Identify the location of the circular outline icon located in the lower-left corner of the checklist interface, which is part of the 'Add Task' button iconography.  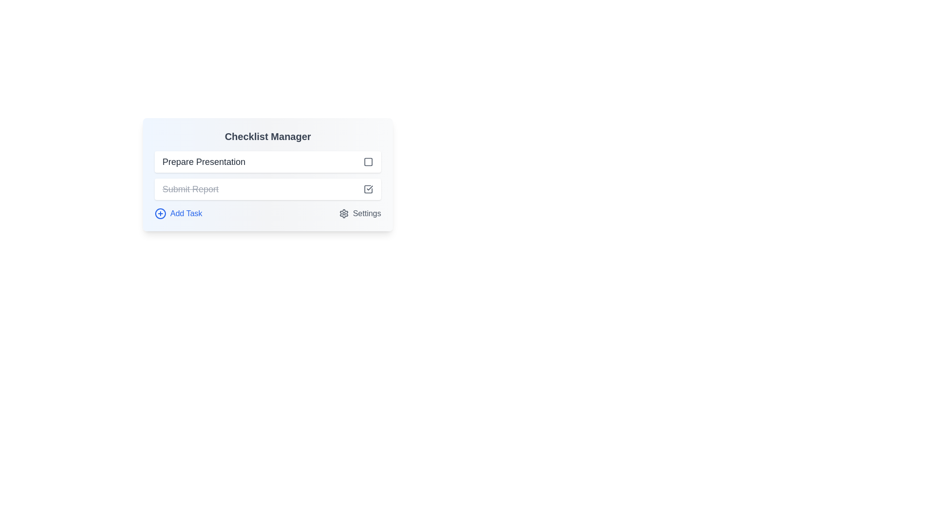
(161, 213).